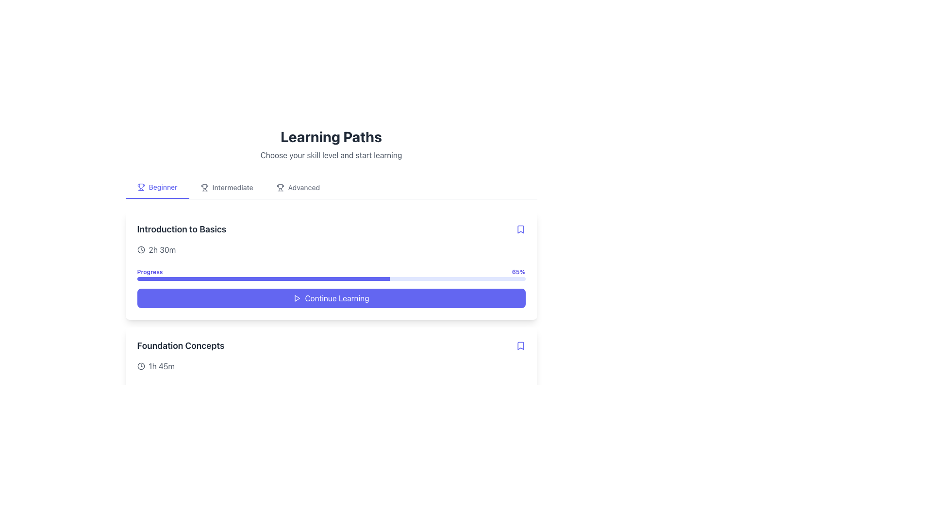 The width and height of the screenshot is (932, 524). What do you see at coordinates (140, 186) in the screenshot?
I see `cup or trophy shaped SVG element located near the 'Beginner' label in the top left section of the interface using developer tools` at bounding box center [140, 186].